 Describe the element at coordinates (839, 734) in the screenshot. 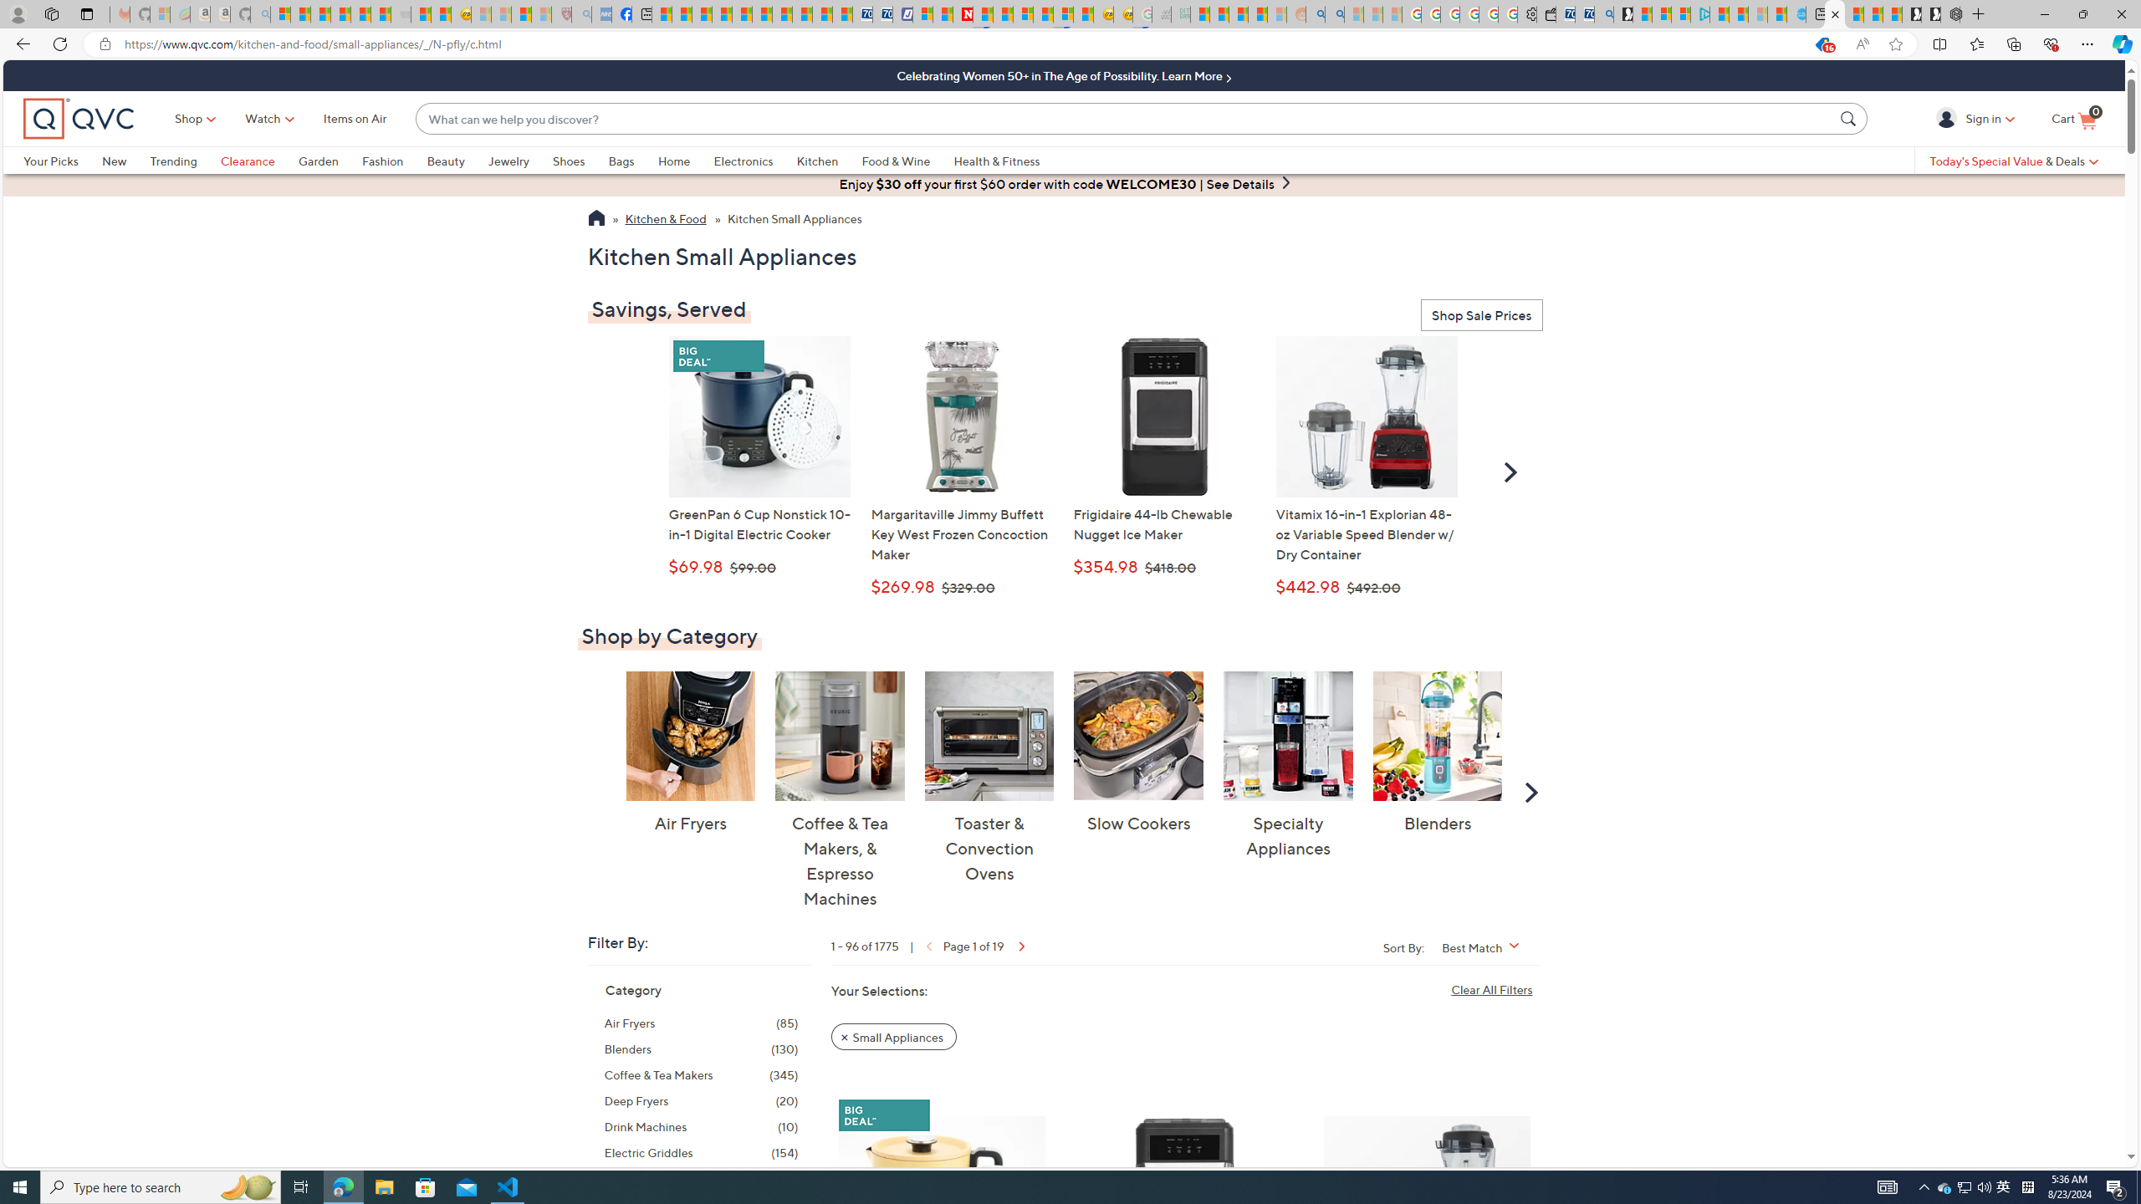

I see `'Coffee & Tea Makers, & Espresso Machines'` at that location.